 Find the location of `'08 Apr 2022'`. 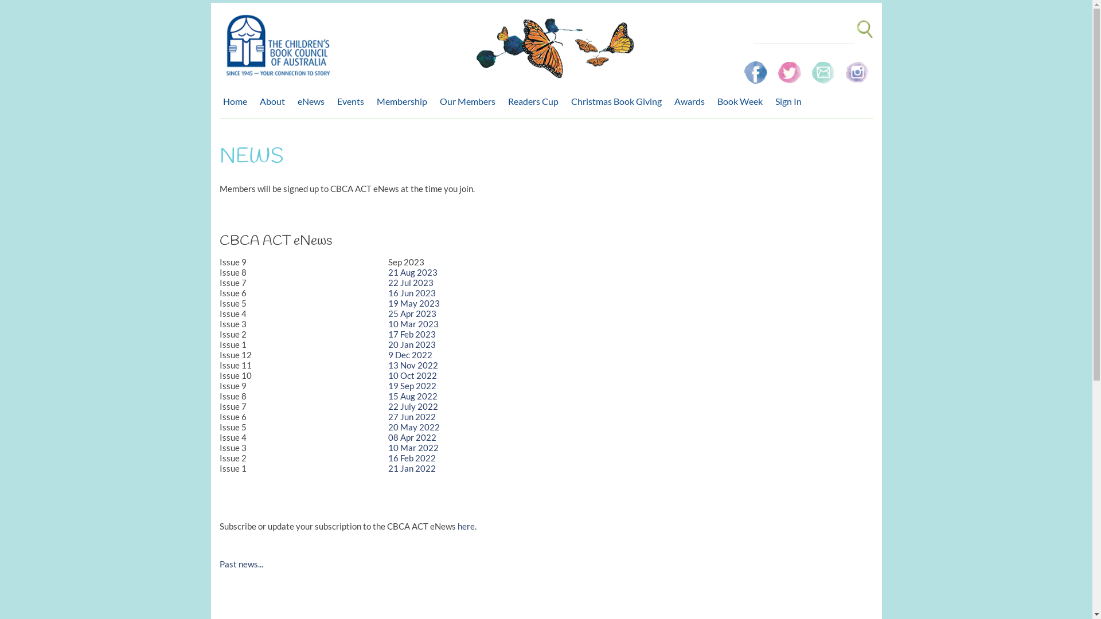

'08 Apr 2022' is located at coordinates (412, 437).